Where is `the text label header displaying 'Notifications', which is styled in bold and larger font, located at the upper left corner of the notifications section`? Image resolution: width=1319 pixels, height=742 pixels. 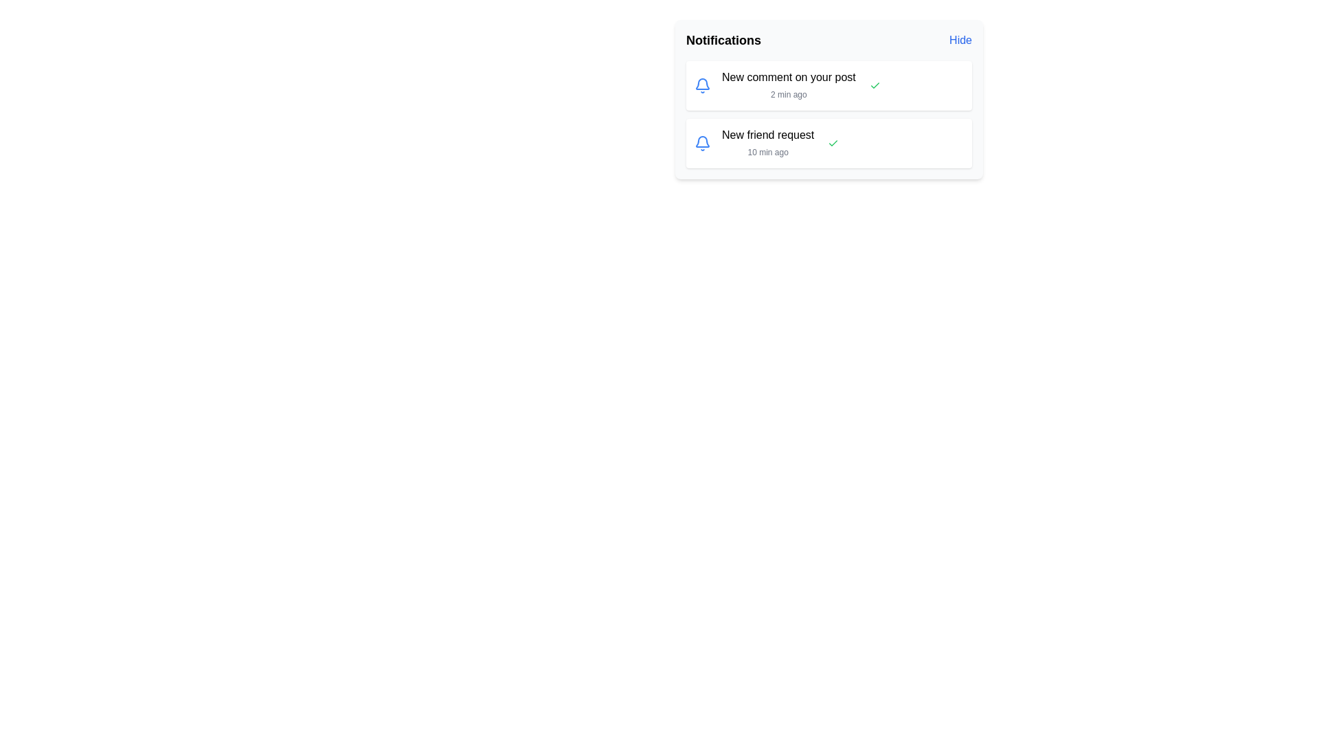
the text label header displaying 'Notifications', which is styled in bold and larger font, located at the upper left corner of the notifications section is located at coordinates (723, 39).